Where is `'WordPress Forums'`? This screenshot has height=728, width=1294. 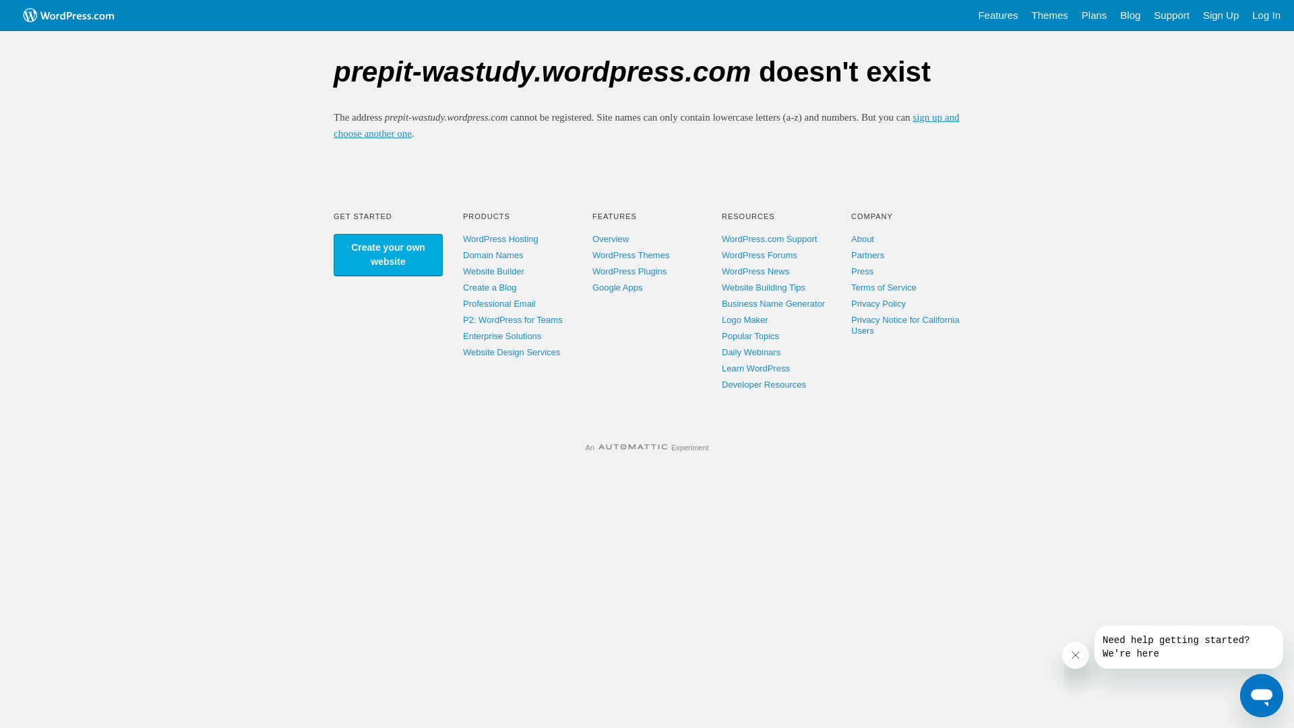
'WordPress Forums' is located at coordinates (760, 255).